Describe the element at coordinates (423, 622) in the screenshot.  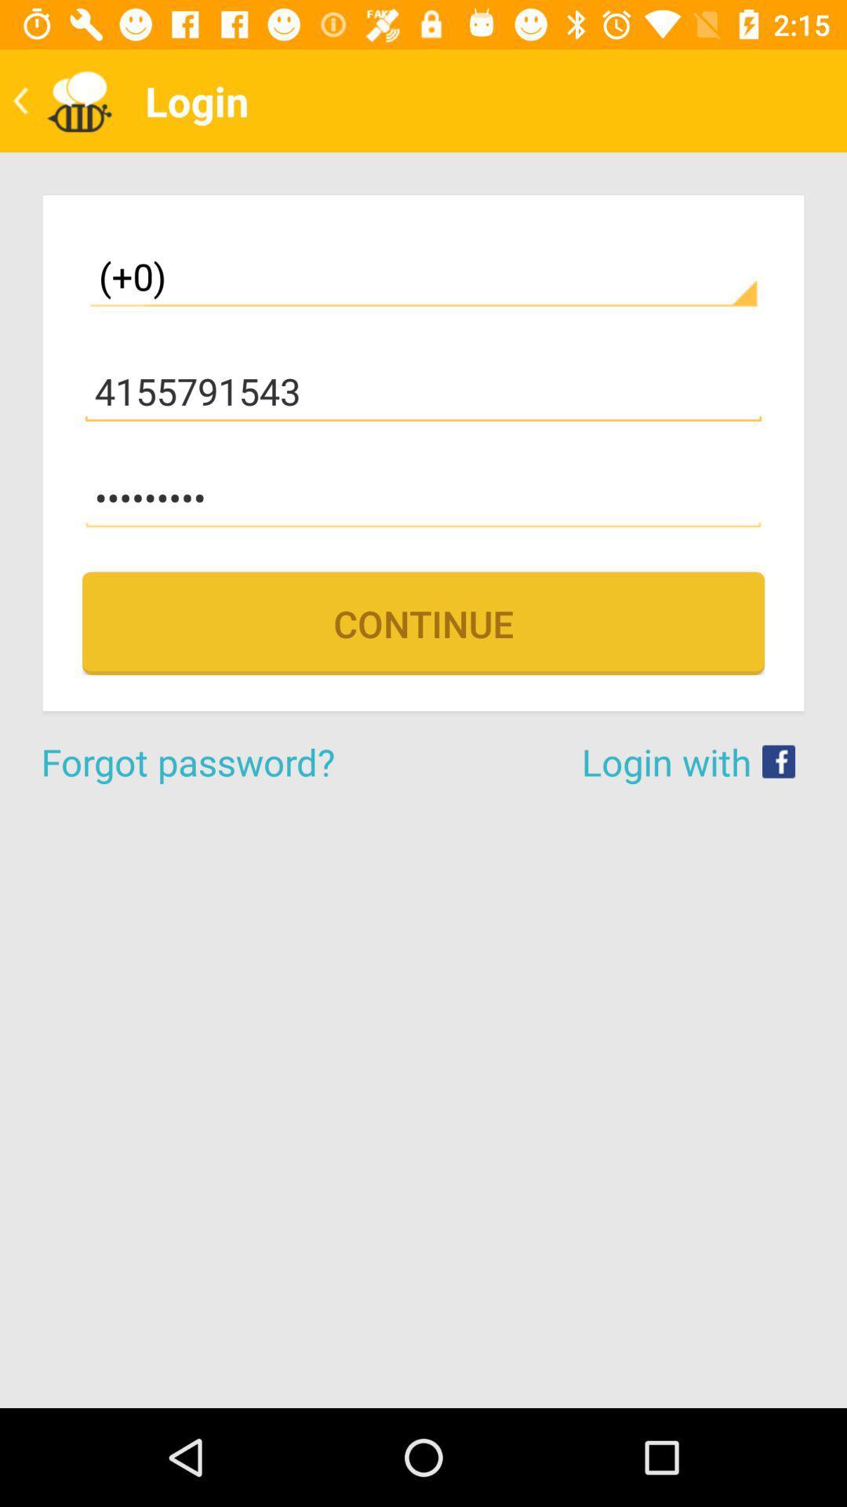
I see `item below the crowd3116 item` at that location.